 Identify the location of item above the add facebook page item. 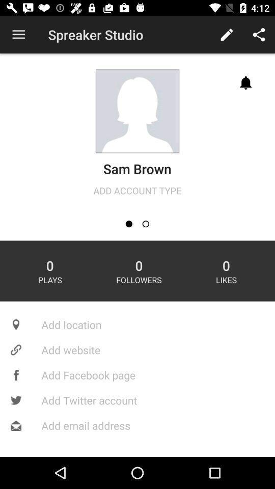
(137, 349).